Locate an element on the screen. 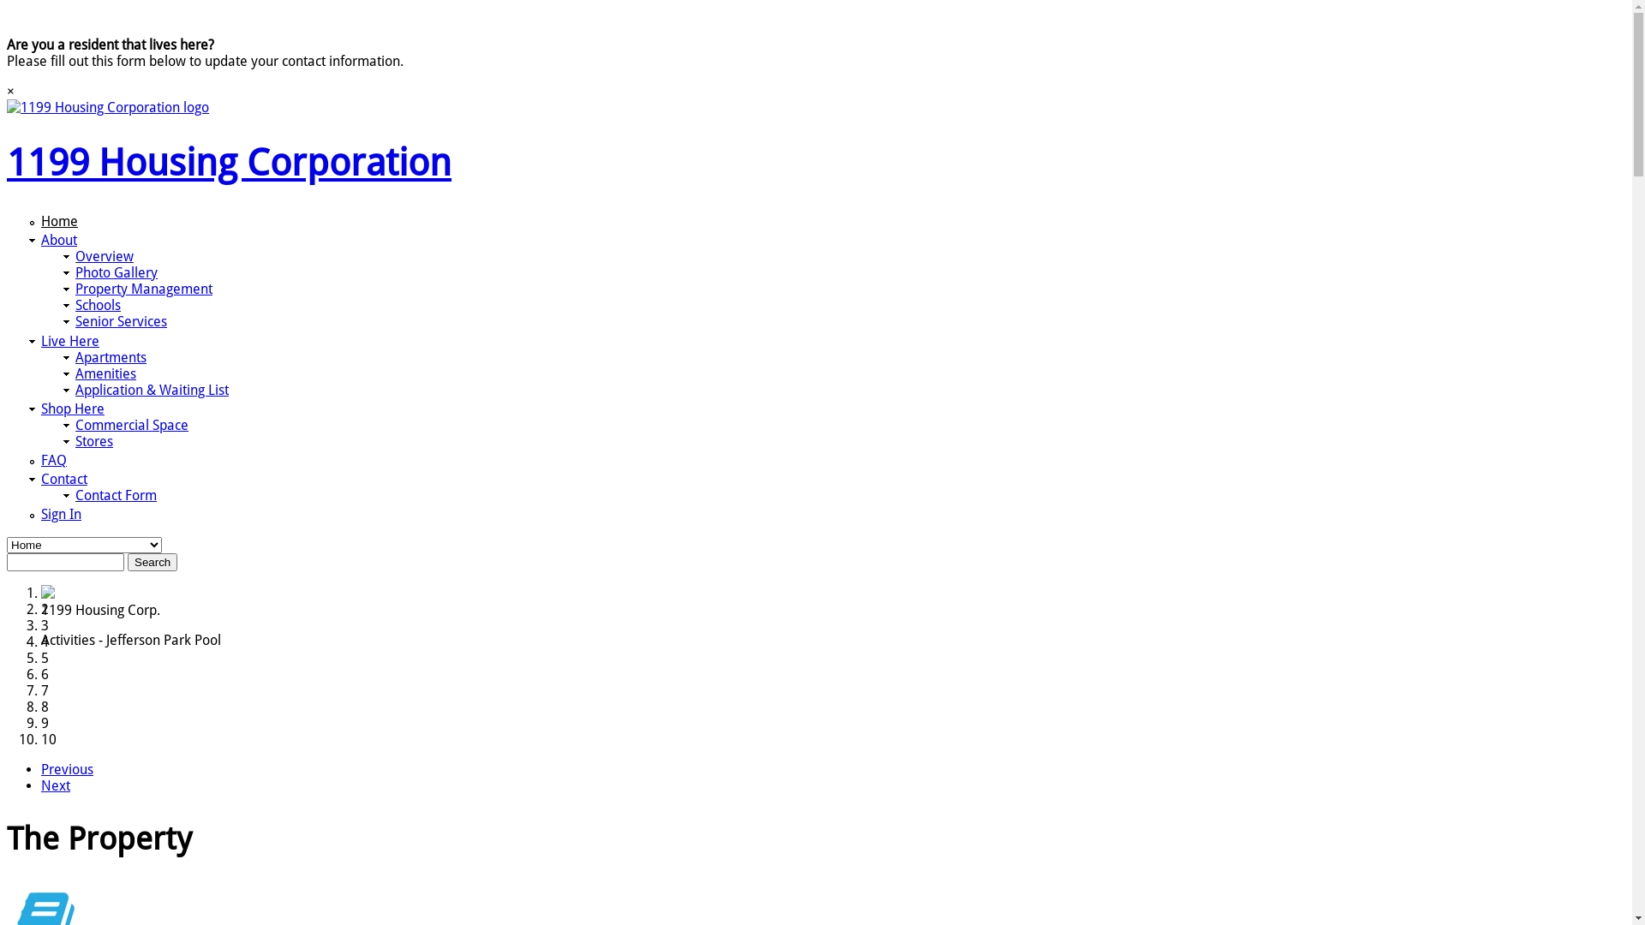 This screenshot has height=925, width=1645. 'Property Management' is located at coordinates (74, 288).